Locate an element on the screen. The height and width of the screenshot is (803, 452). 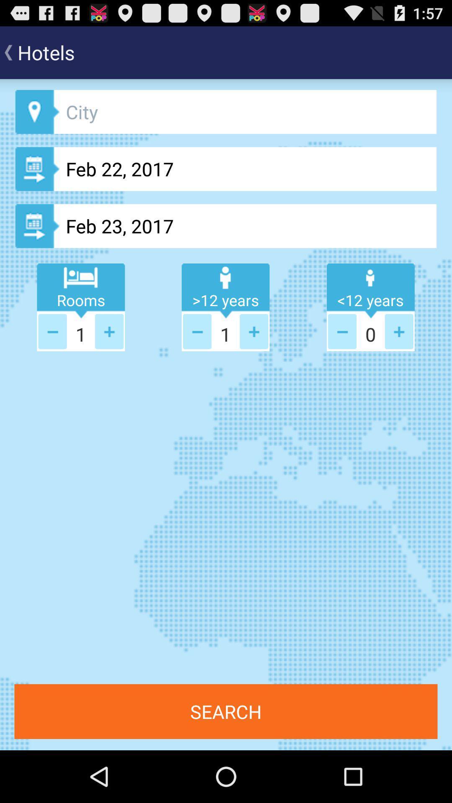
less age is located at coordinates (197, 331).